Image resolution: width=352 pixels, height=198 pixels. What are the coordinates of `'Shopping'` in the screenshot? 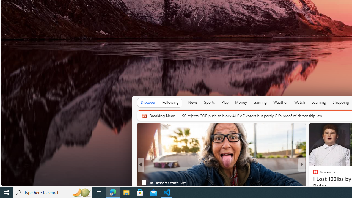 It's located at (341, 102).